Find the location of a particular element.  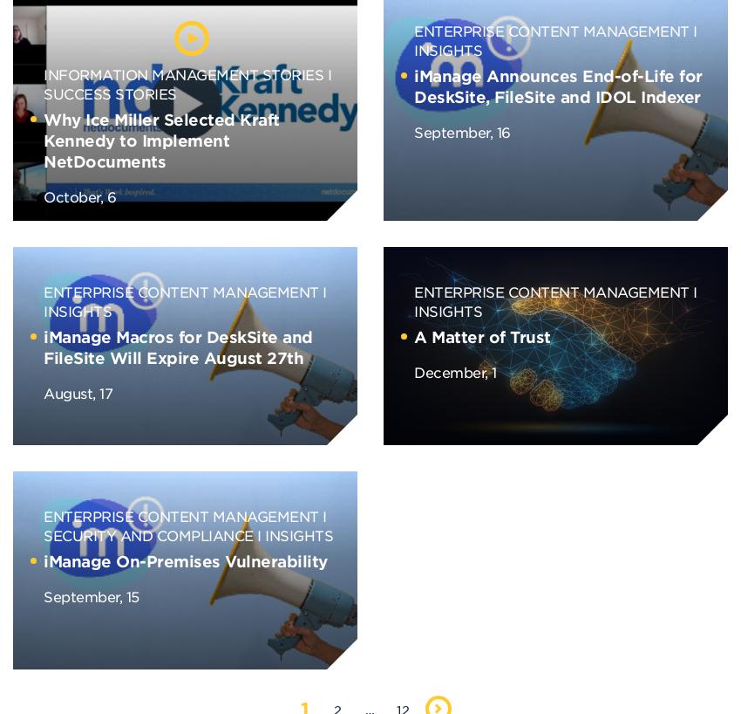

'October, 6' is located at coordinates (78, 196).